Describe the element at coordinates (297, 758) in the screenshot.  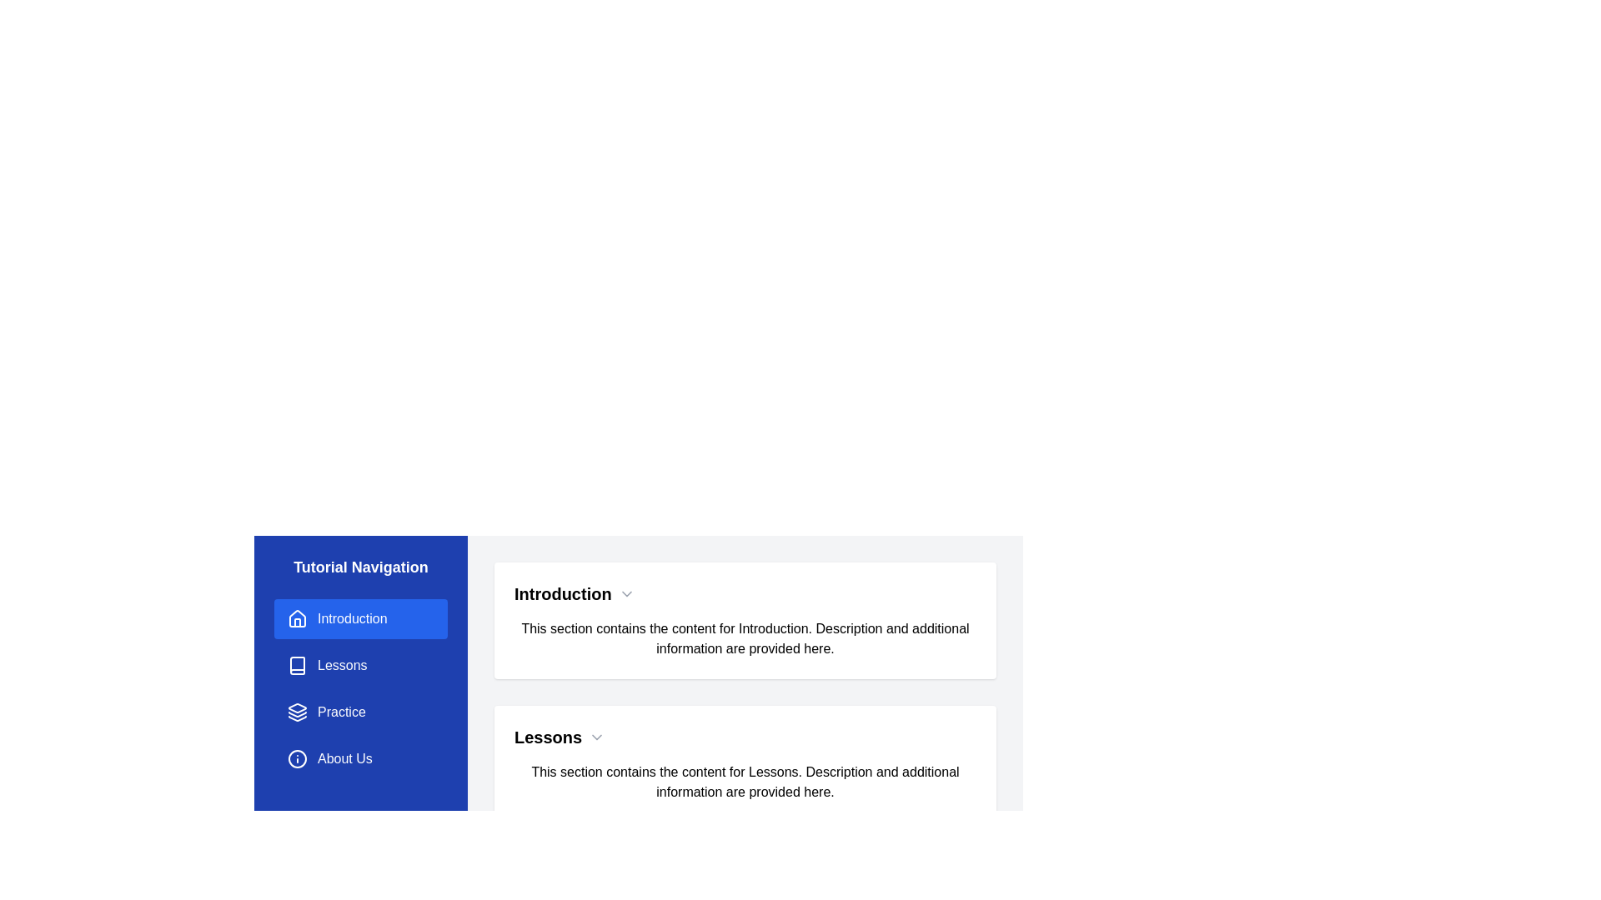
I see `the circular blue icon with a white outlined exclamation mark that is positioned next to the 'About Us' text` at that location.